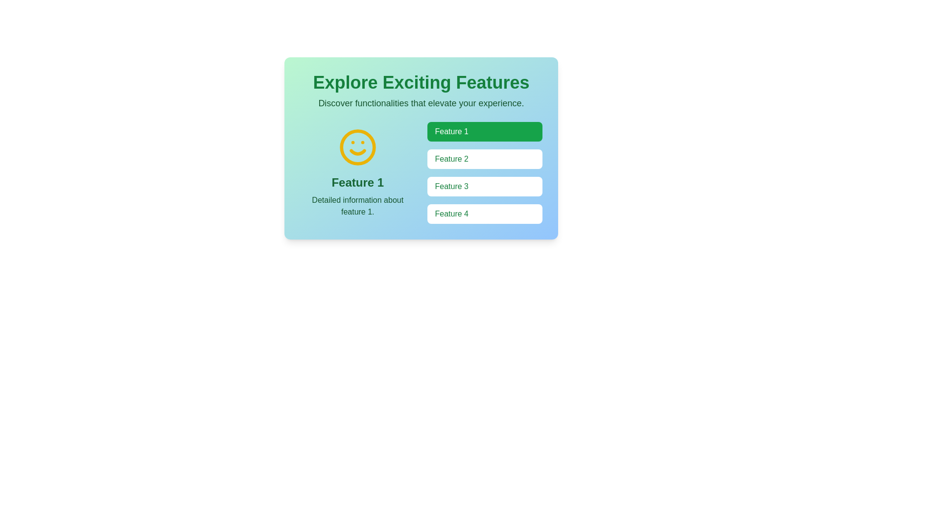 This screenshot has height=529, width=940. What do you see at coordinates (357, 147) in the screenshot?
I see `circular element located at the center of the smiley face icon, which is part of the 'Feature 1' card layout` at bounding box center [357, 147].